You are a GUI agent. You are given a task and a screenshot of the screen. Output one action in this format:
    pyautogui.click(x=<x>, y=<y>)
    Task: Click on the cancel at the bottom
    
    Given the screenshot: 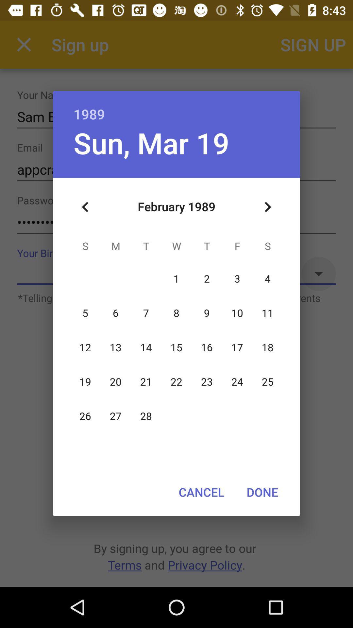 What is the action you would take?
    pyautogui.click(x=201, y=492)
    